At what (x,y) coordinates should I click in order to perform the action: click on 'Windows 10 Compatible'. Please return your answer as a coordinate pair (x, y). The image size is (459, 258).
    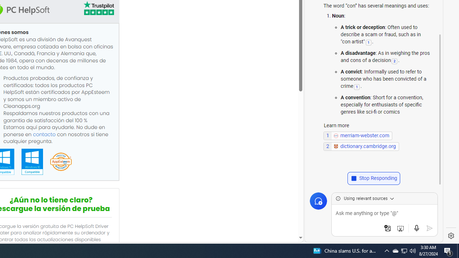
    Looking at the image, I should click on (32, 162).